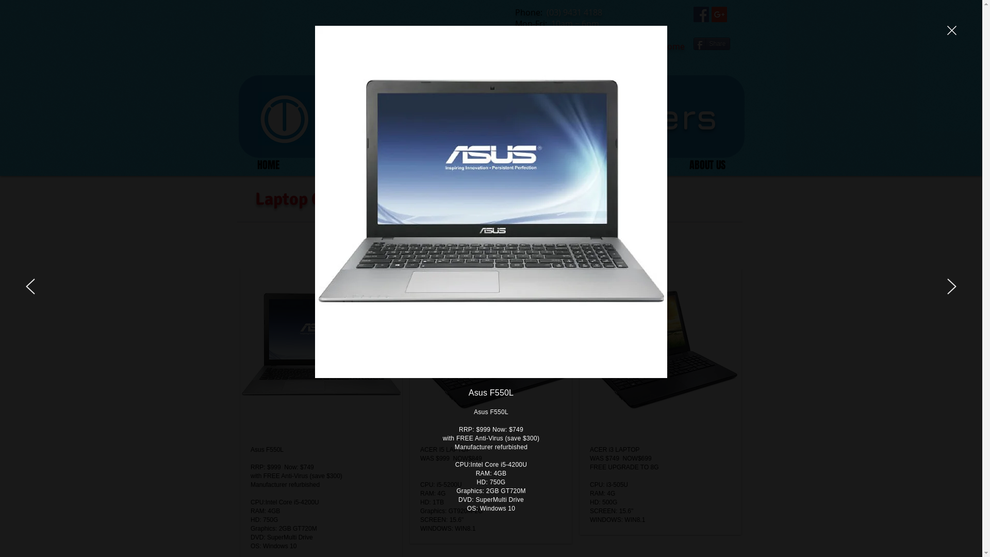  What do you see at coordinates (482, 165) in the screenshot?
I see `'REPAIRS & UPGRADES'` at bounding box center [482, 165].